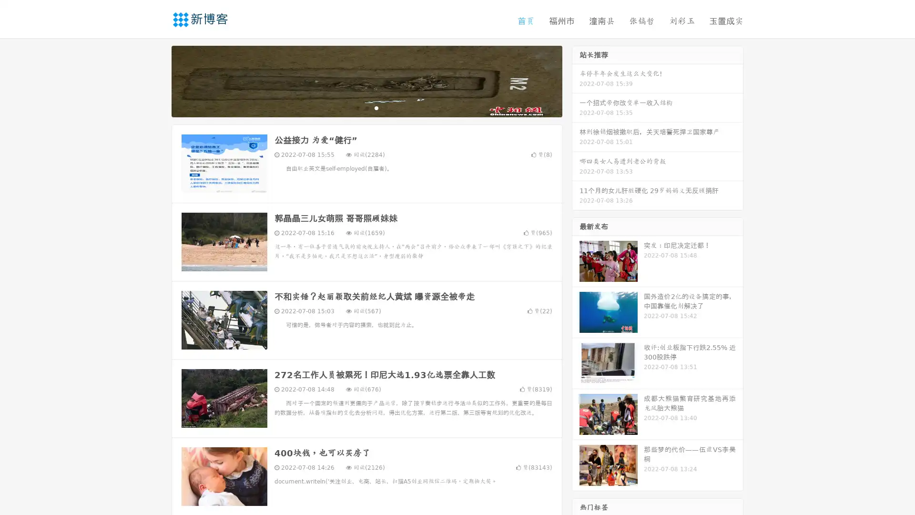 The image size is (915, 515). Describe the element at coordinates (576, 80) in the screenshot. I see `Next slide` at that location.